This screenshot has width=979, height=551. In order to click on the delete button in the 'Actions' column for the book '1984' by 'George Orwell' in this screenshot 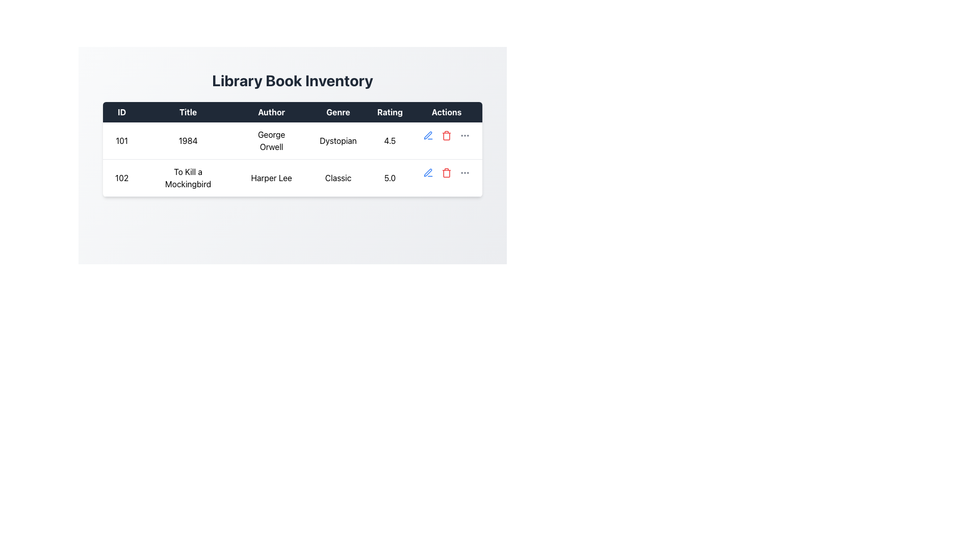, I will do `click(446, 134)`.